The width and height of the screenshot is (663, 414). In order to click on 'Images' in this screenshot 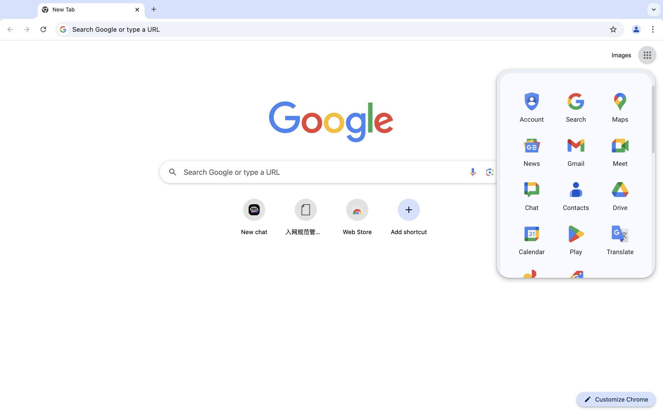, I will do `click(621, 55)`.